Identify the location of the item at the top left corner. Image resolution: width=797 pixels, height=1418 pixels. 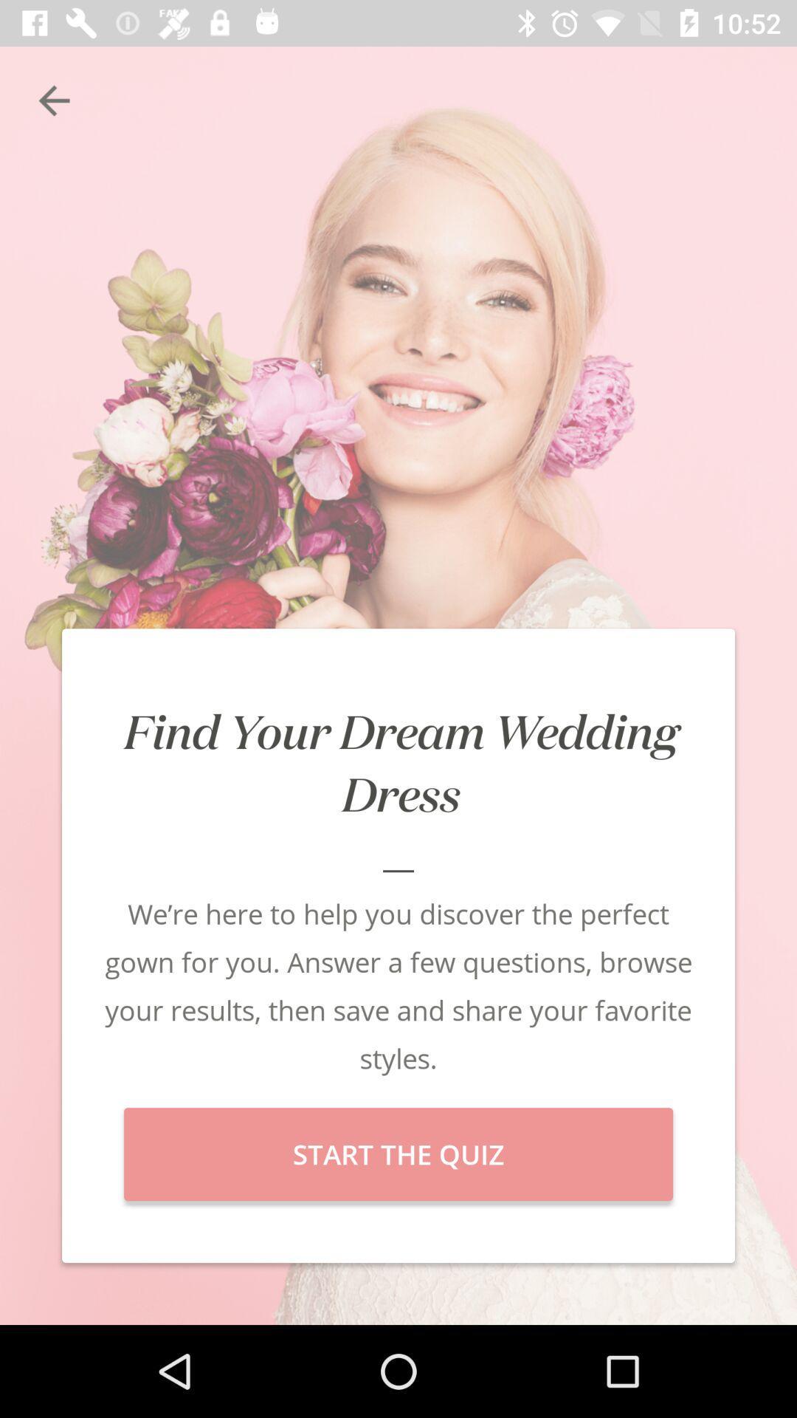
(53, 100).